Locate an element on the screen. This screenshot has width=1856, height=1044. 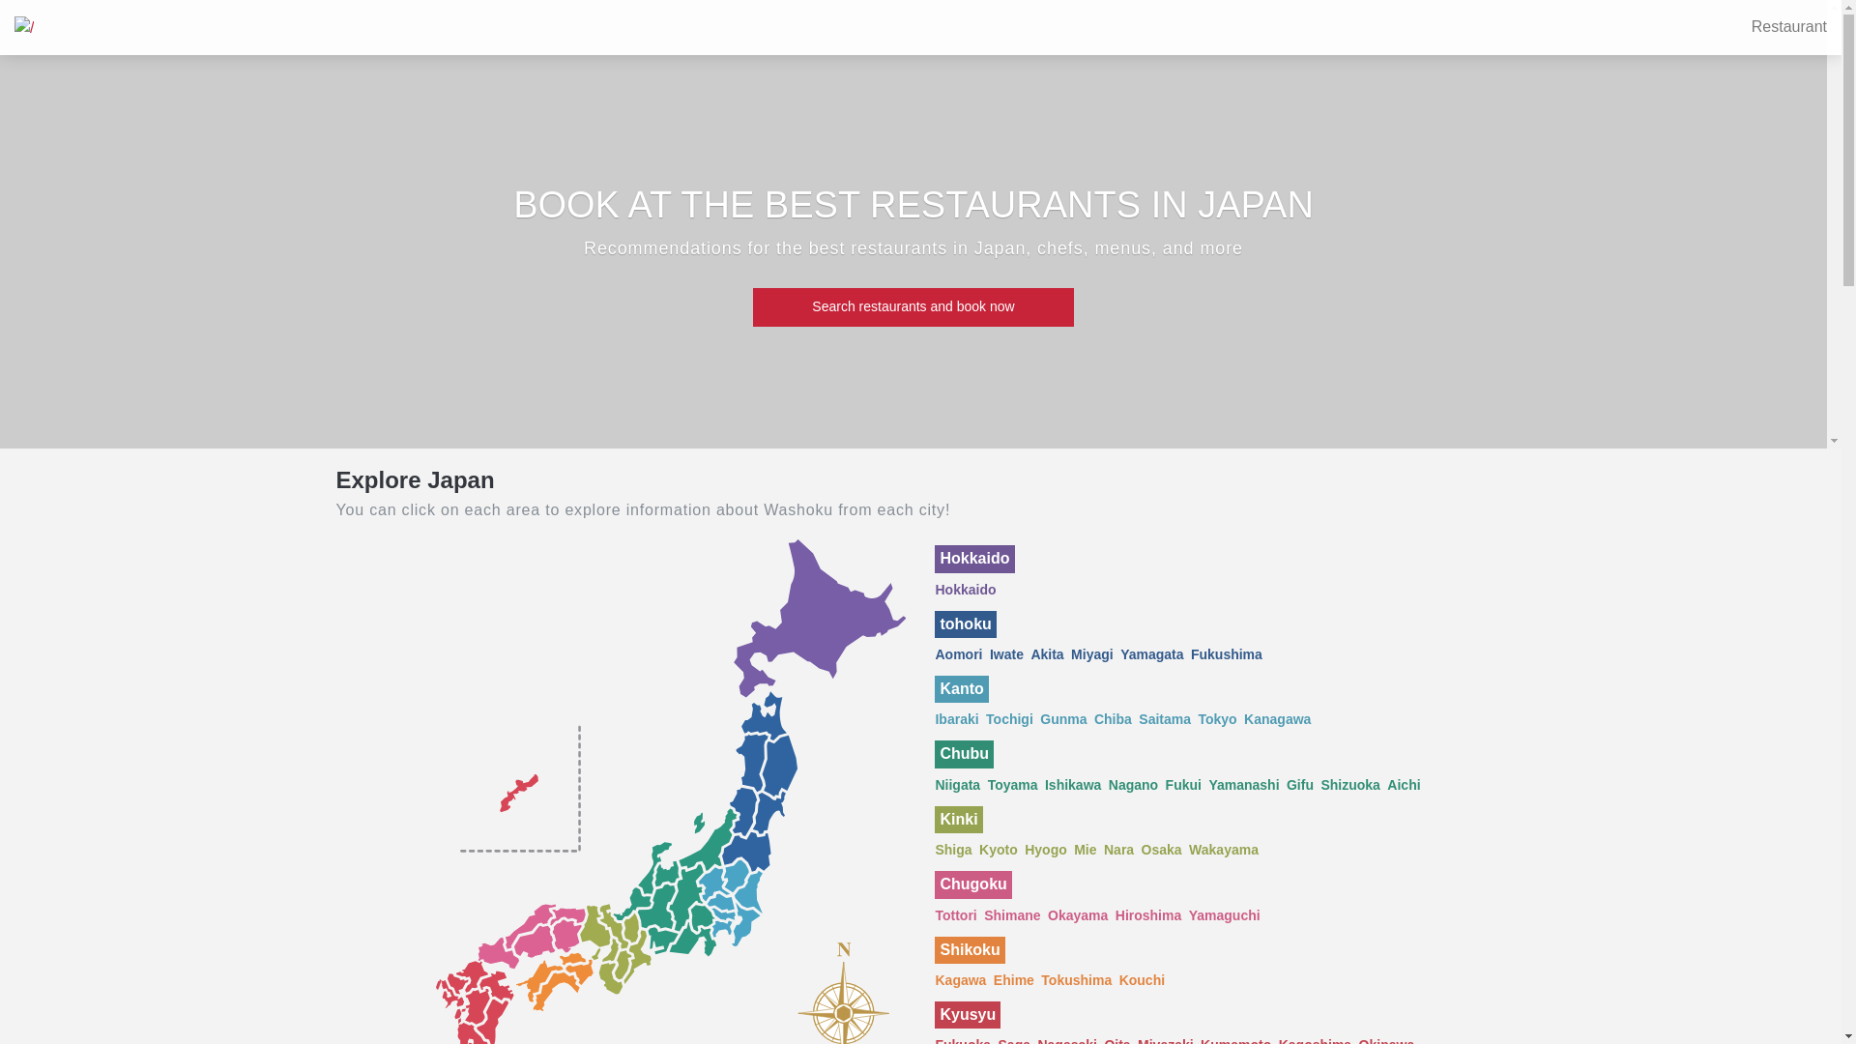
'Shiga' is located at coordinates (952, 849).